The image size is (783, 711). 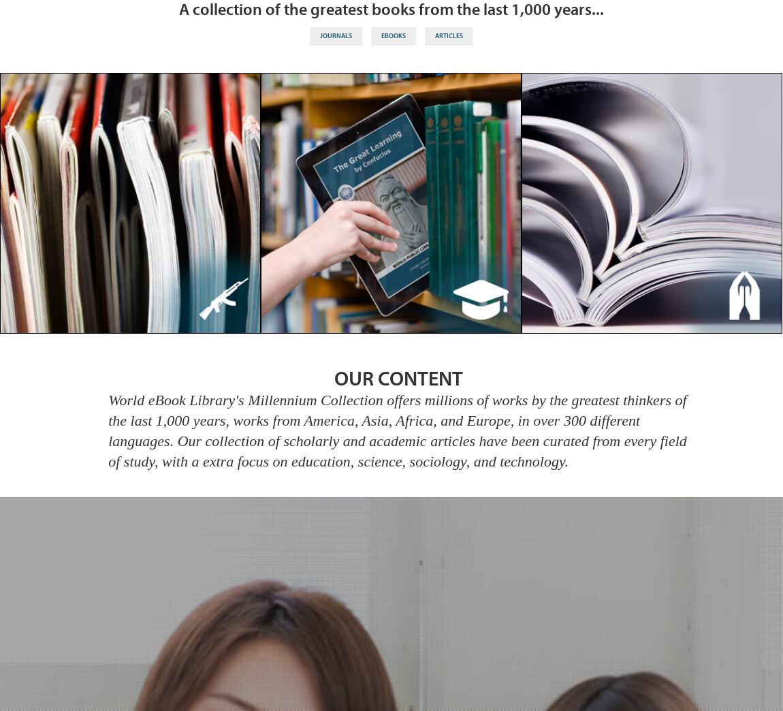 I want to click on 'Millions of Articles', so click(x=652, y=208).